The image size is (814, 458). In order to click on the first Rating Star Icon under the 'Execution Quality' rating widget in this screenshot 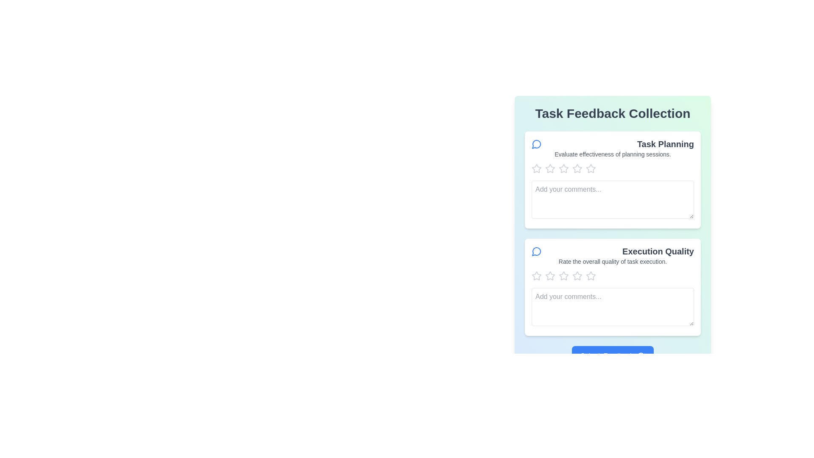, I will do `click(536, 276)`.